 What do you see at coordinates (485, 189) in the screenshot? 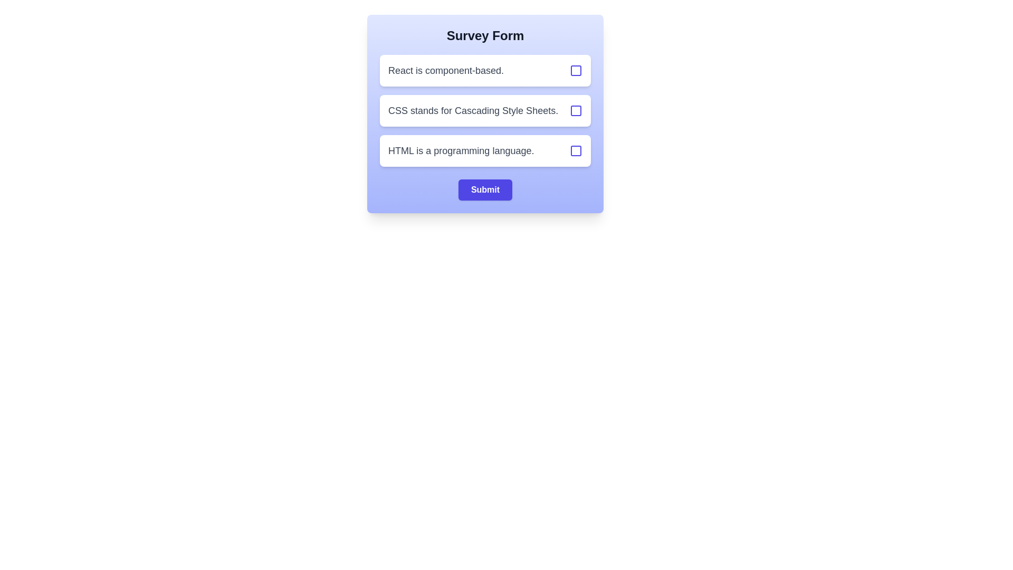
I see `the 'Submit' button to submit the survey` at bounding box center [485, 189].